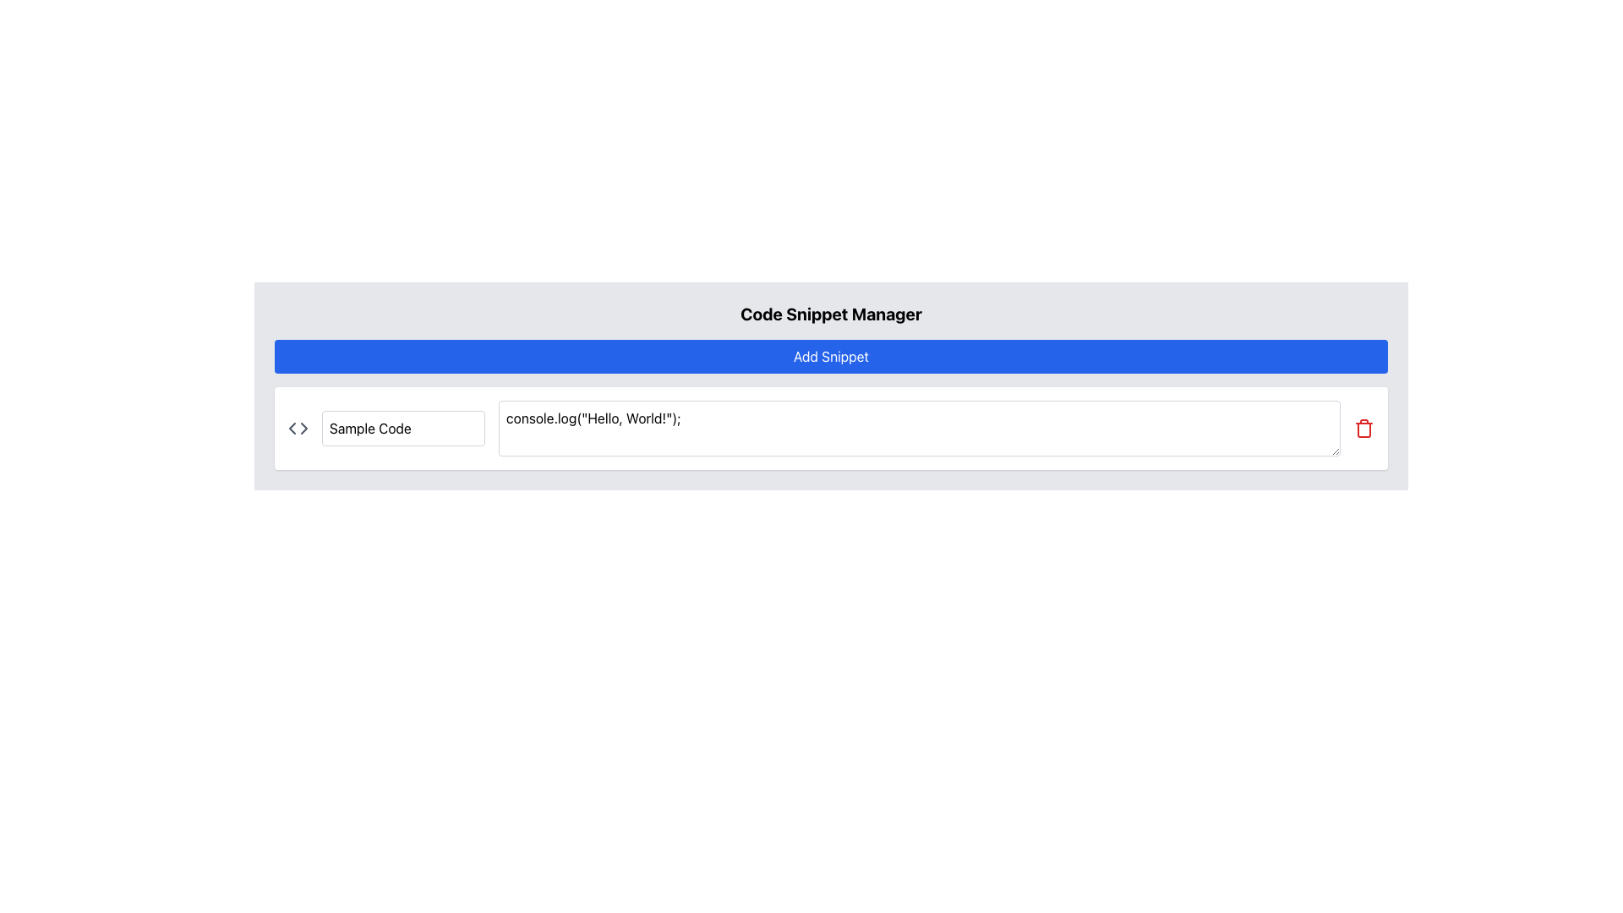 The image size is (1623, 913). Describe the element at coordinates (831, 355) in the screenshot. I see `the rectangular blue button with rounded corners labeled 'Add Snippet', which is positioned below the 'Code Snippet Manager' heading` at that location.